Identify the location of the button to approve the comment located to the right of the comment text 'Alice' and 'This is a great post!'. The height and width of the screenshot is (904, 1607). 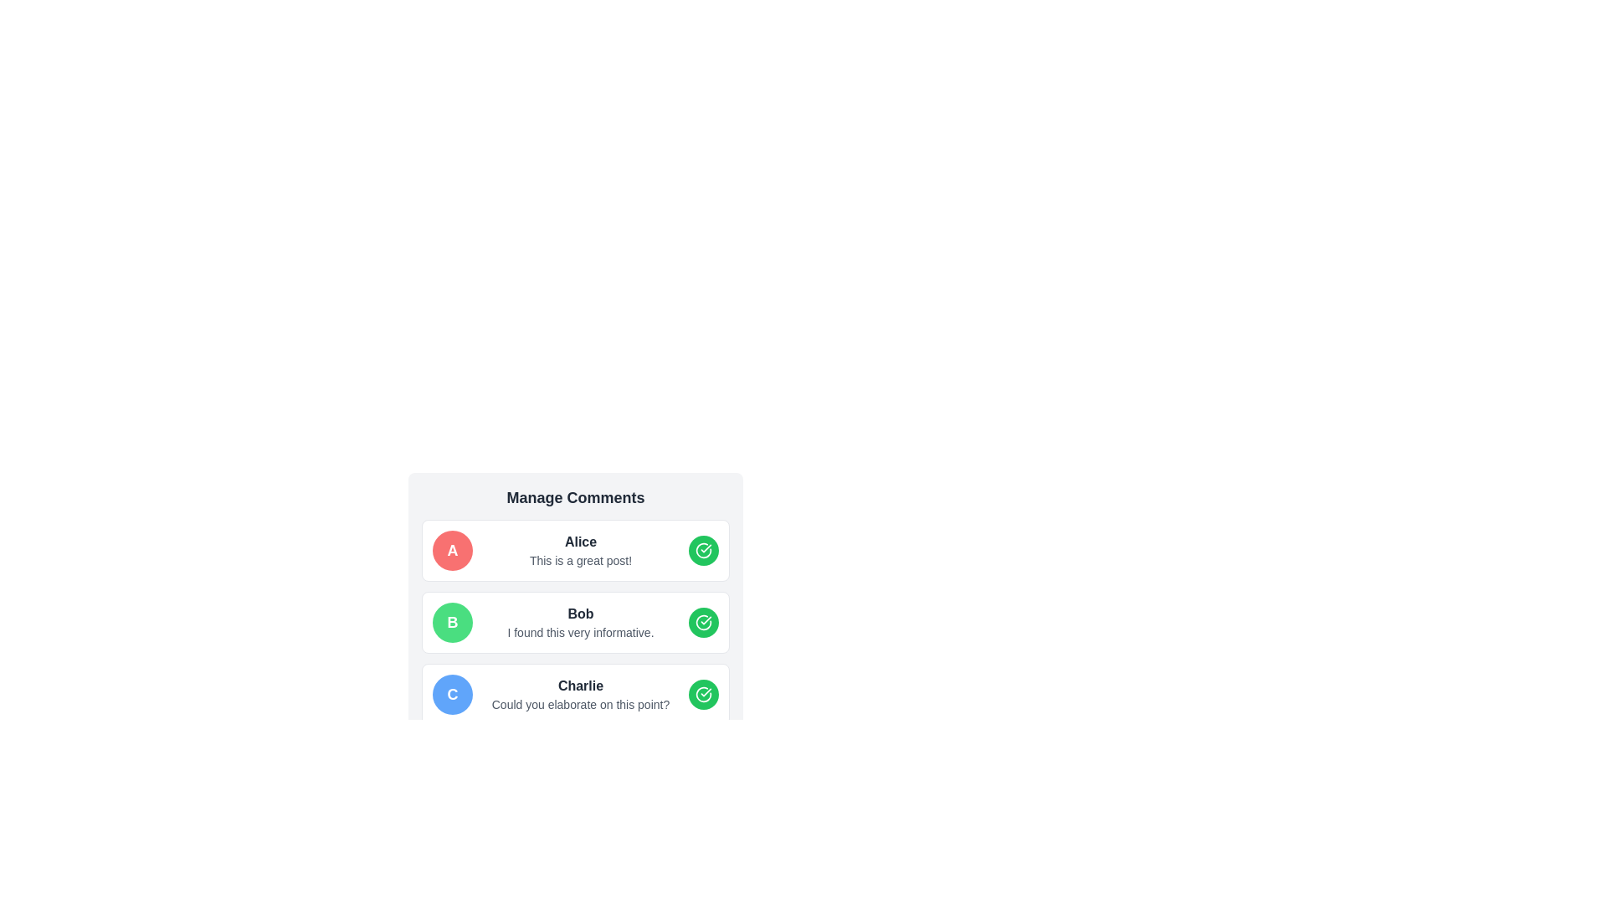
(703, 551).